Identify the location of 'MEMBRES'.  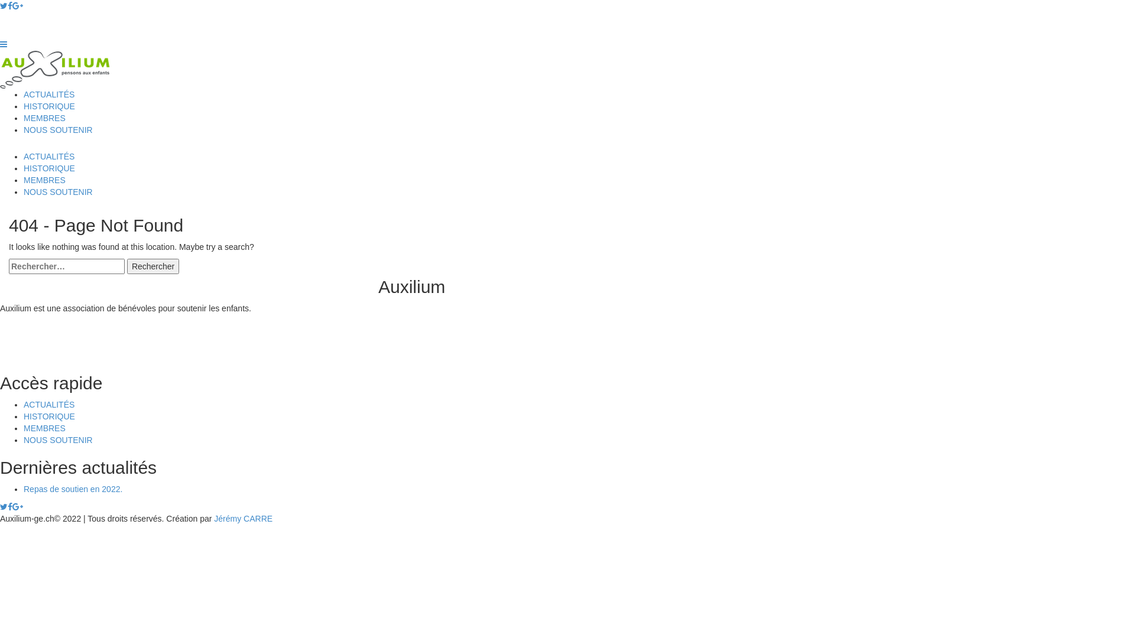
(44, 118).